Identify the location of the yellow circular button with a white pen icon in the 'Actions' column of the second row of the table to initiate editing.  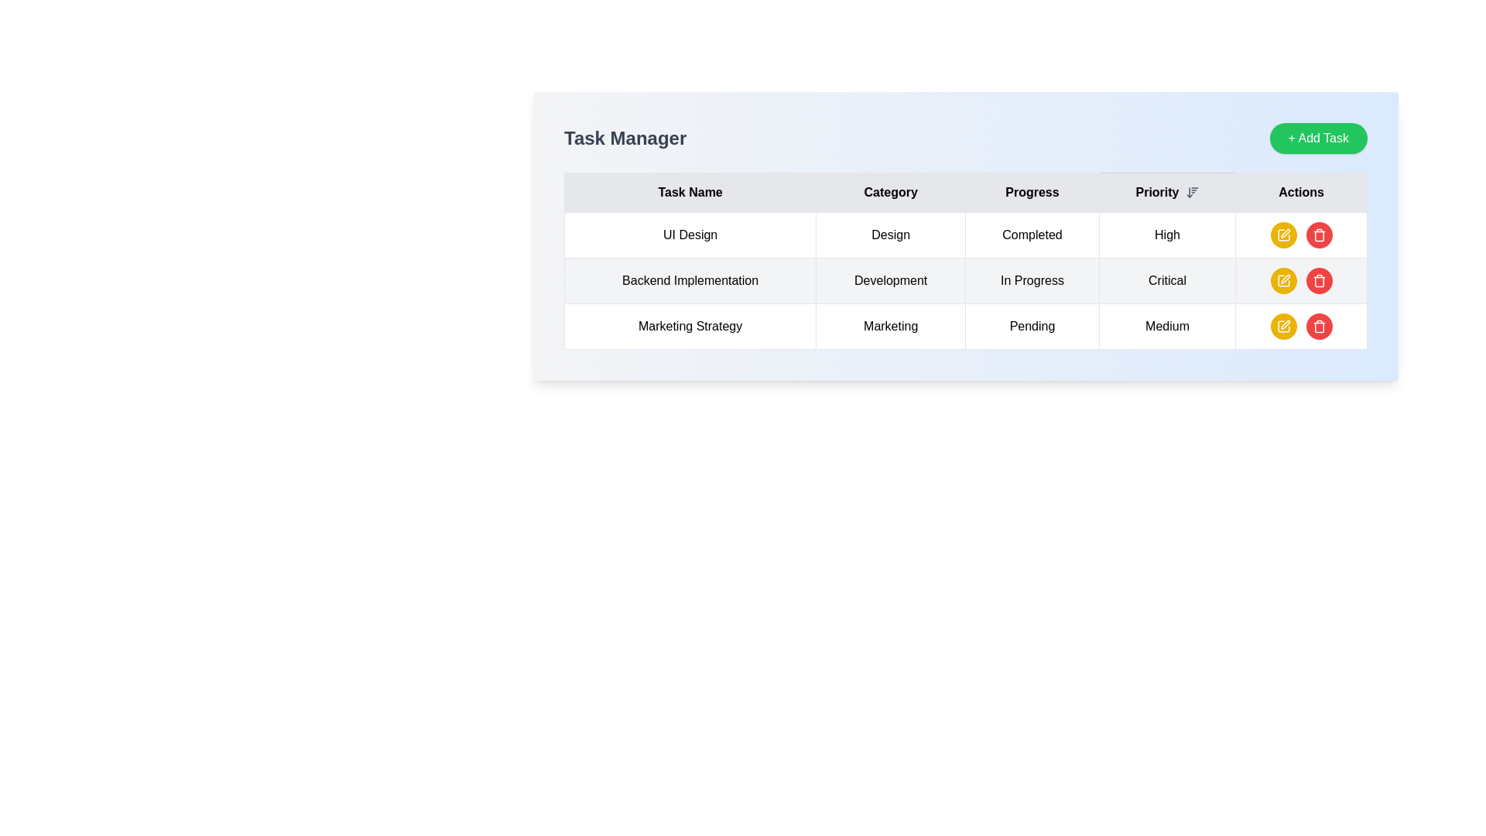
(1283, 280).